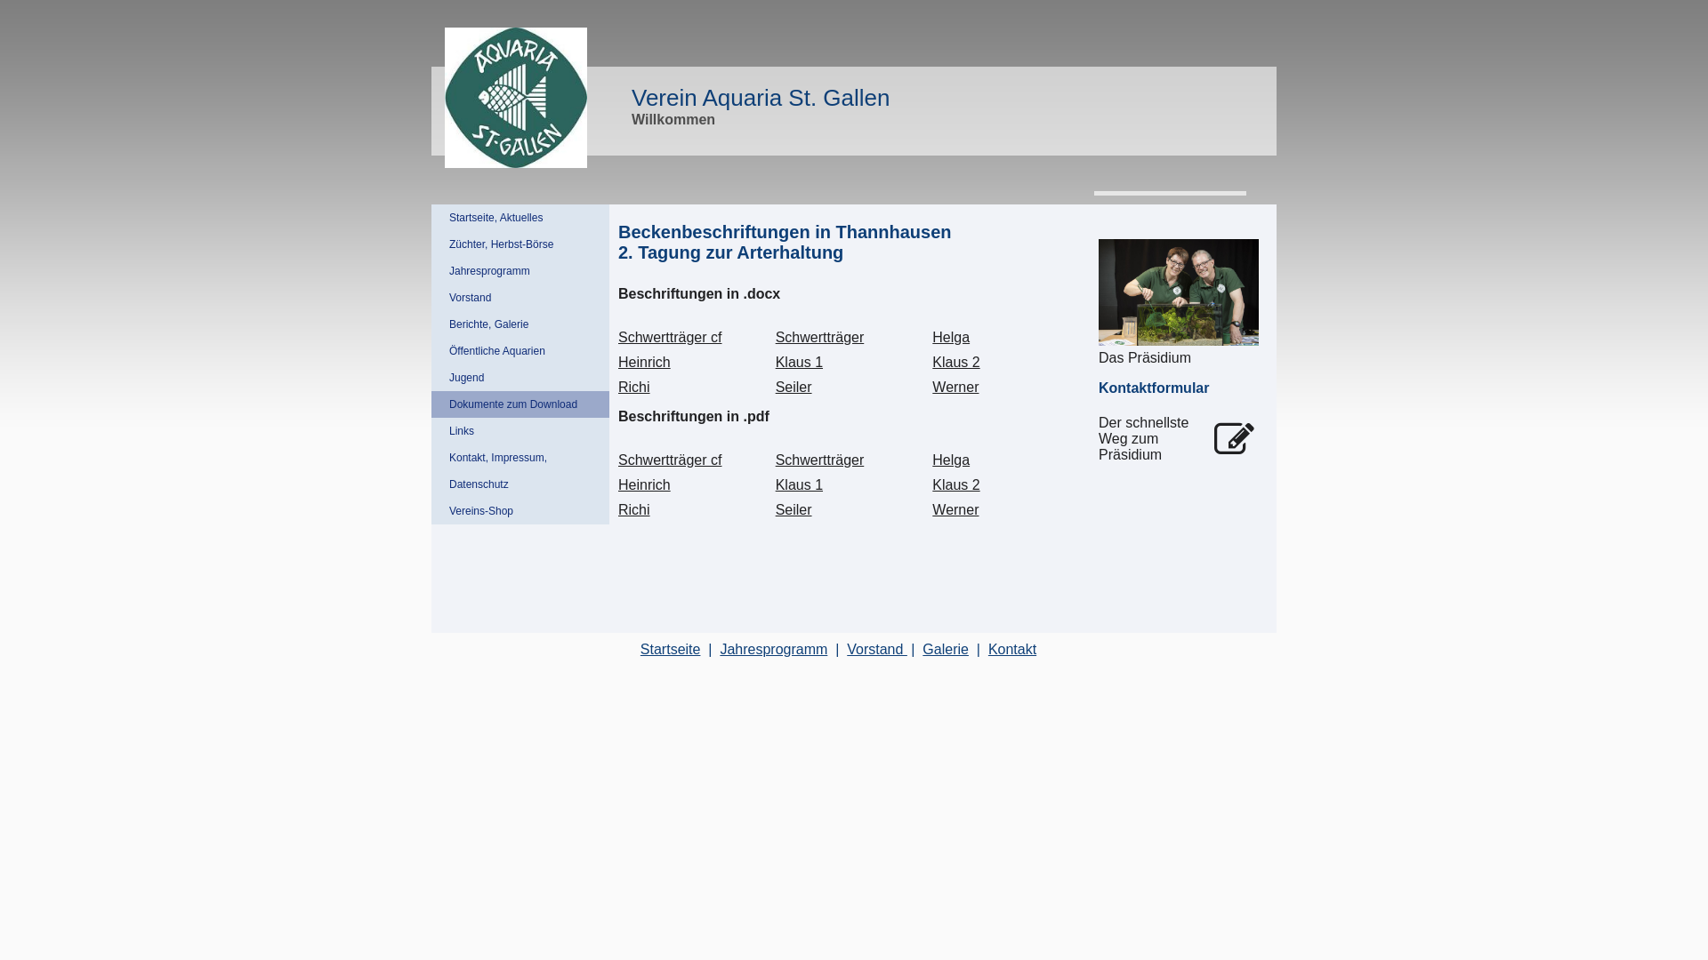 This screenshot has height=960, width=1708. Describe the element at coordinates (520, 270) in the screenshot. I see `'Jahresprogramm'` at that location.